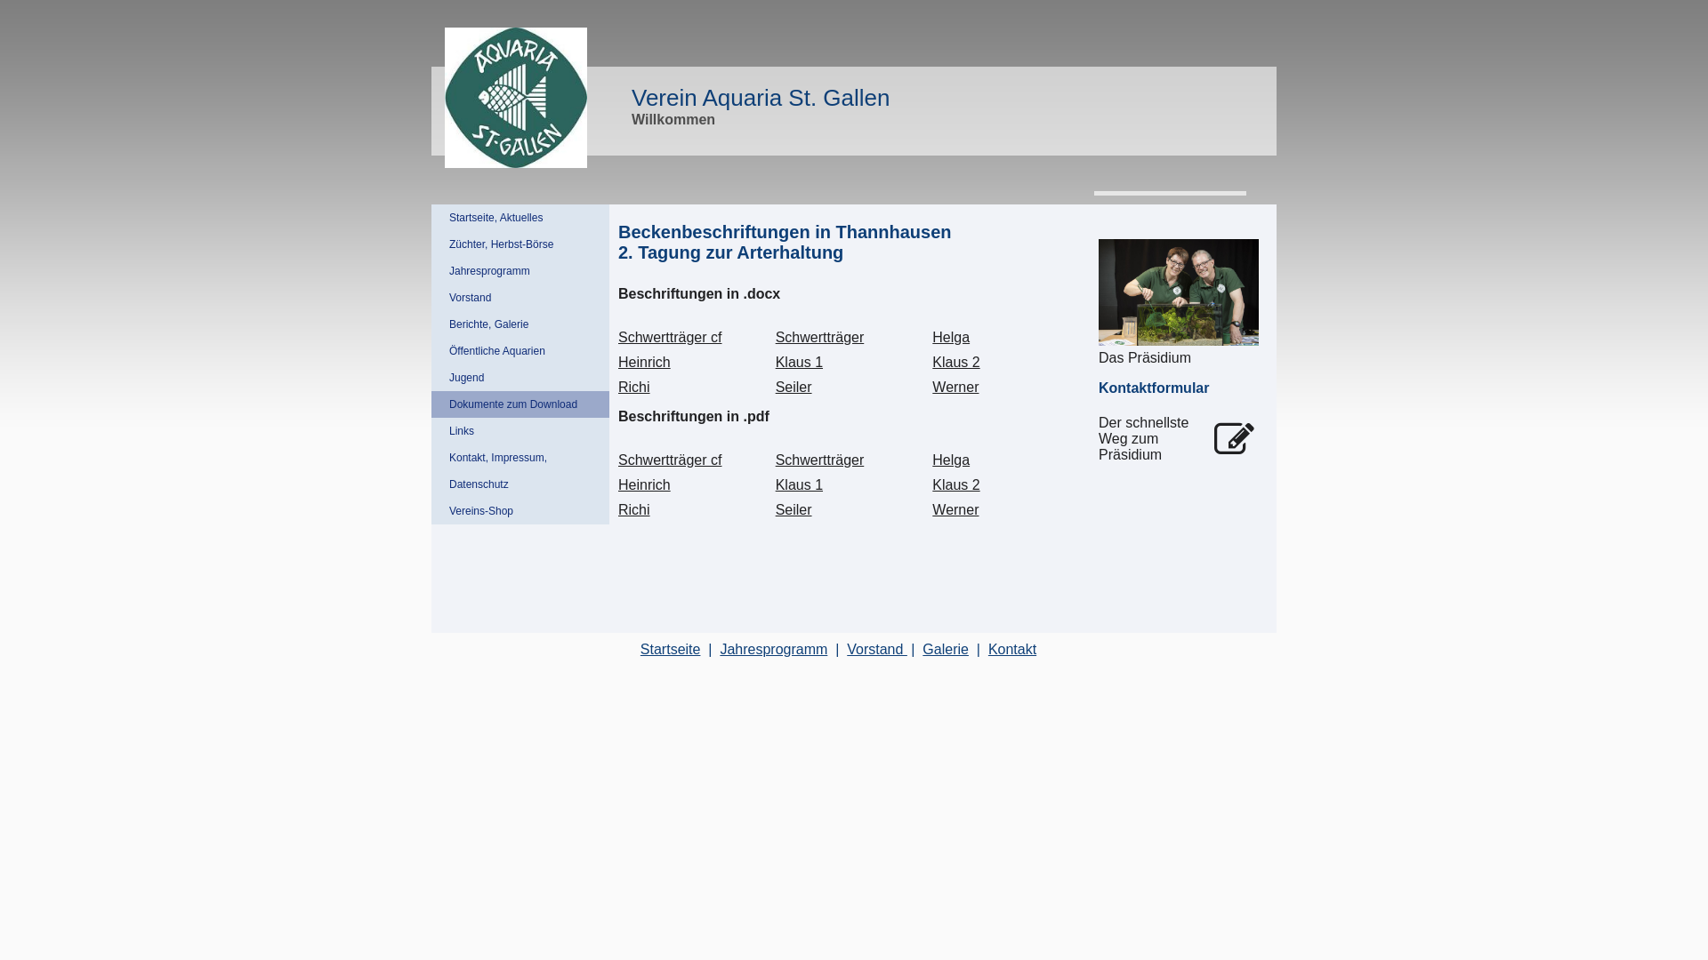 This screenshot has height=960, width=1708. Describe the element at coordinates (520, 270) in the screenshot. I see `'Jahresprogramm'` at that location.